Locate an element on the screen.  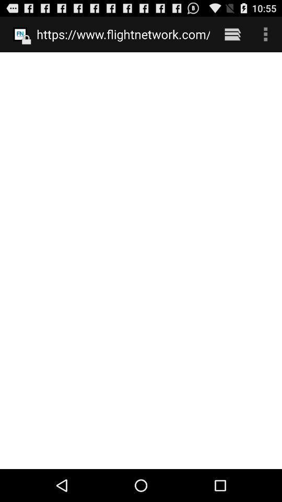
the item next to https www flightnetwork icon is located at coordinates (232, 34).